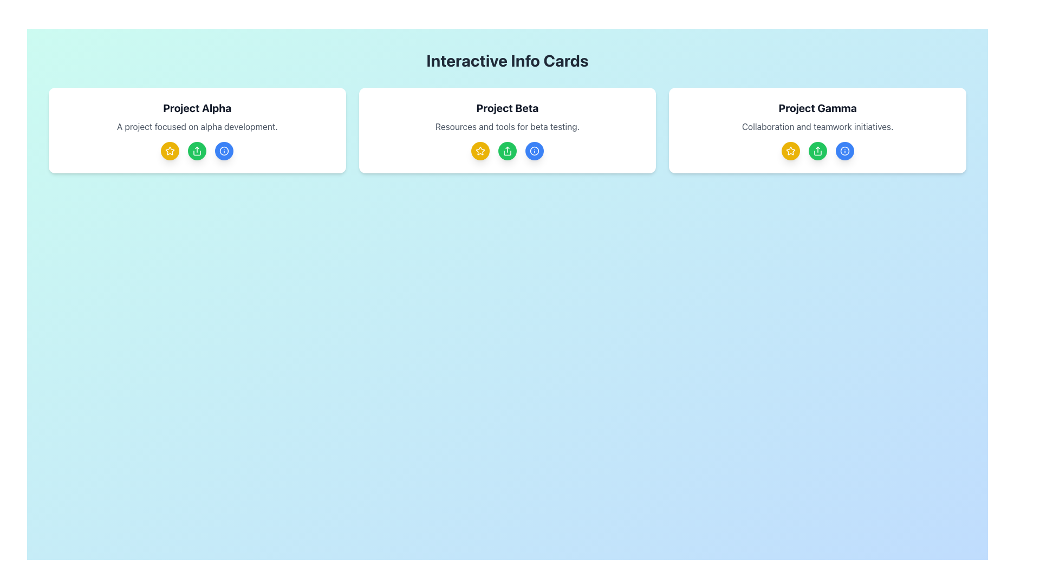 This screenshot has height=585, width=1040. Describe the element at coordinates (817, 129) in the screenshot. I see `the interactive buttons located at the bottom of the 'Project Gamma' card, which features a white background and rounded corners, to initiate corresponding actions` at that location.